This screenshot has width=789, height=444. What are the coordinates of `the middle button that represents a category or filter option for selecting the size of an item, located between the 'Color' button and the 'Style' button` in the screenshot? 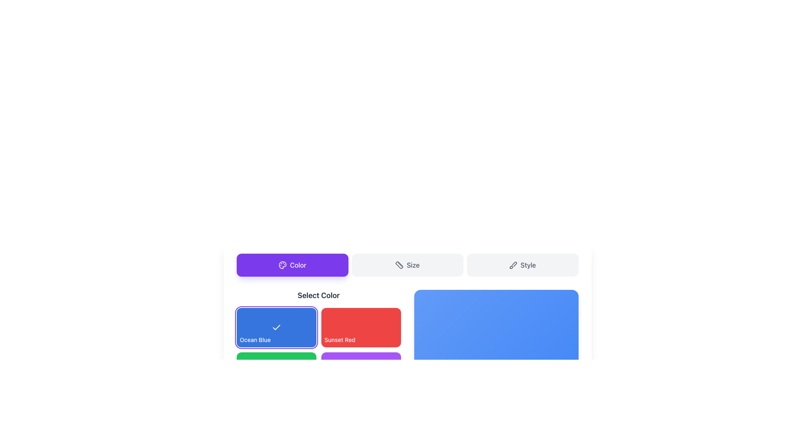 It's located at (407, 265).